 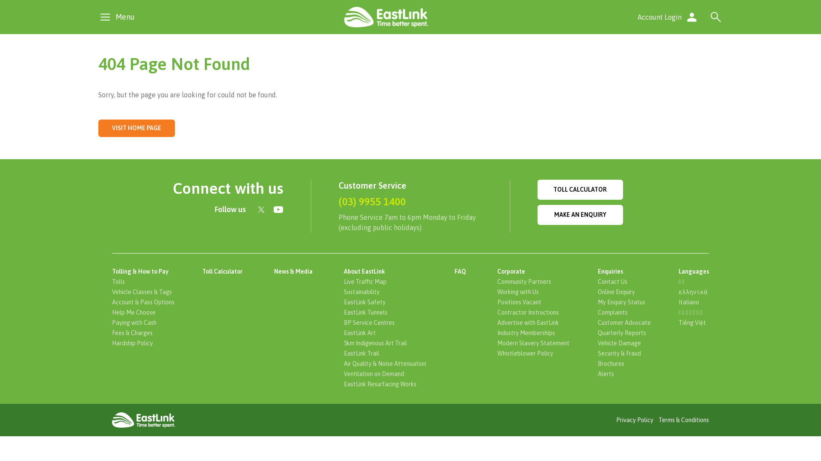 What do you see at coordinates (658, 419) in the screenshot?
I see `'Terms & Conditions'` at bounding box center [658, 419].